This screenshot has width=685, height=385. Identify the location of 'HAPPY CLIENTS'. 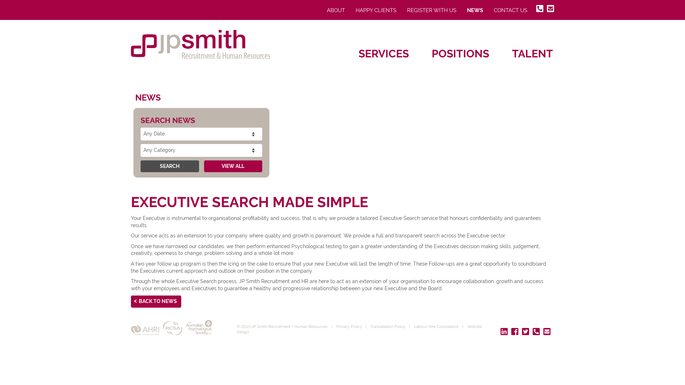
(376, 10).